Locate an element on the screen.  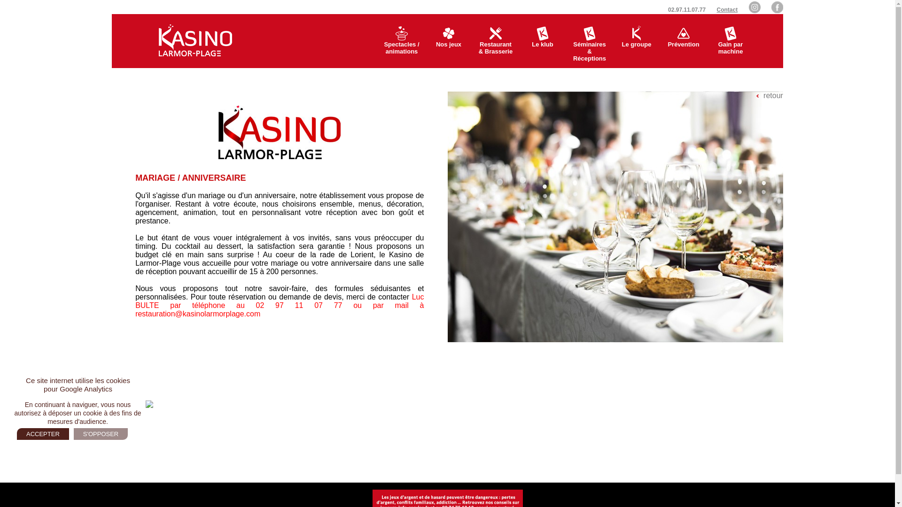
'retour' is located at coordinates (770, 96).